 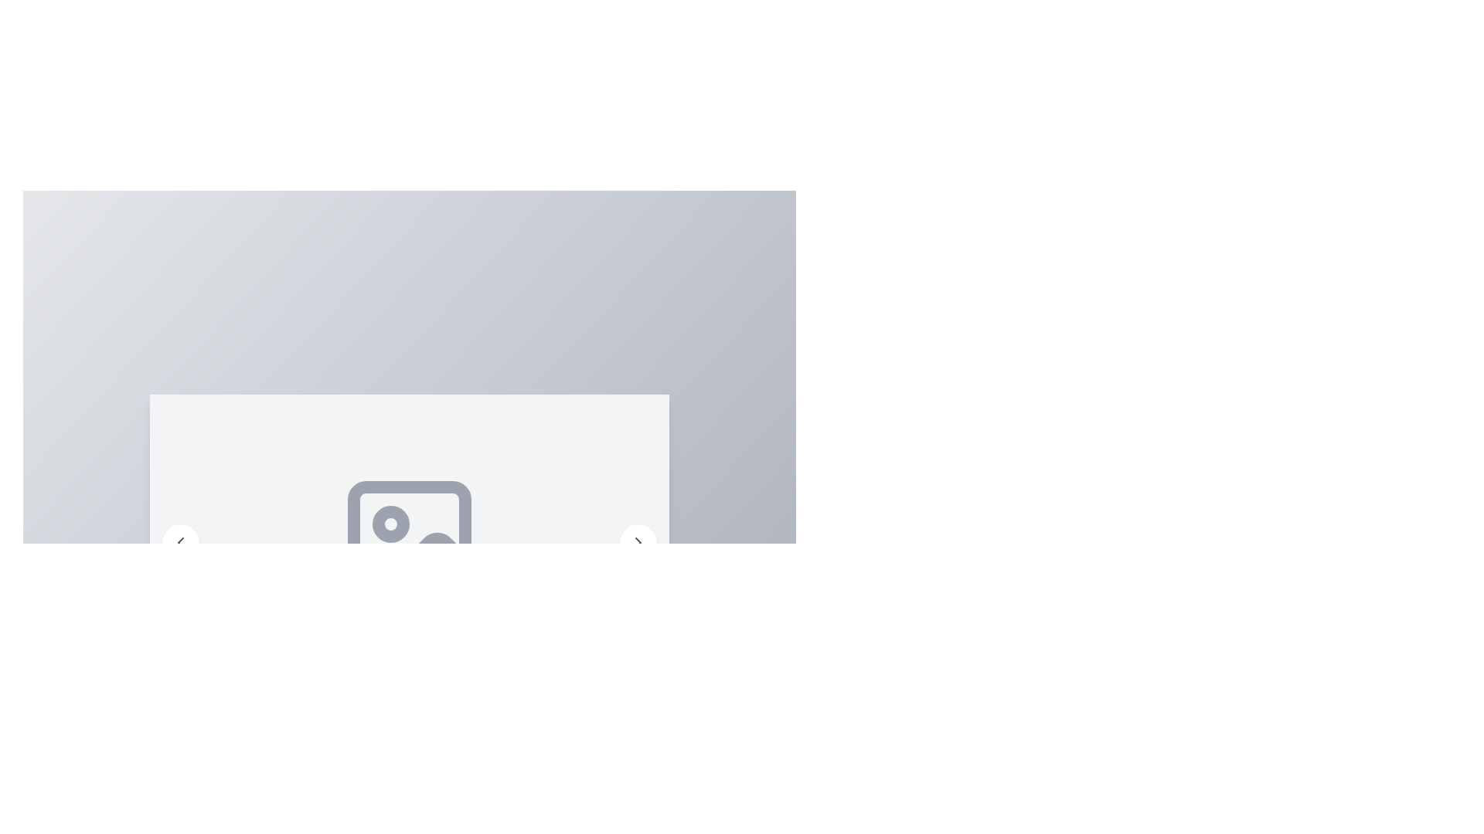 What do you see at coordinates (409, 541) in the screenshot?
I see `within the image placeholder for the 'Beach Sunset'` at bounding box center [409, 541].